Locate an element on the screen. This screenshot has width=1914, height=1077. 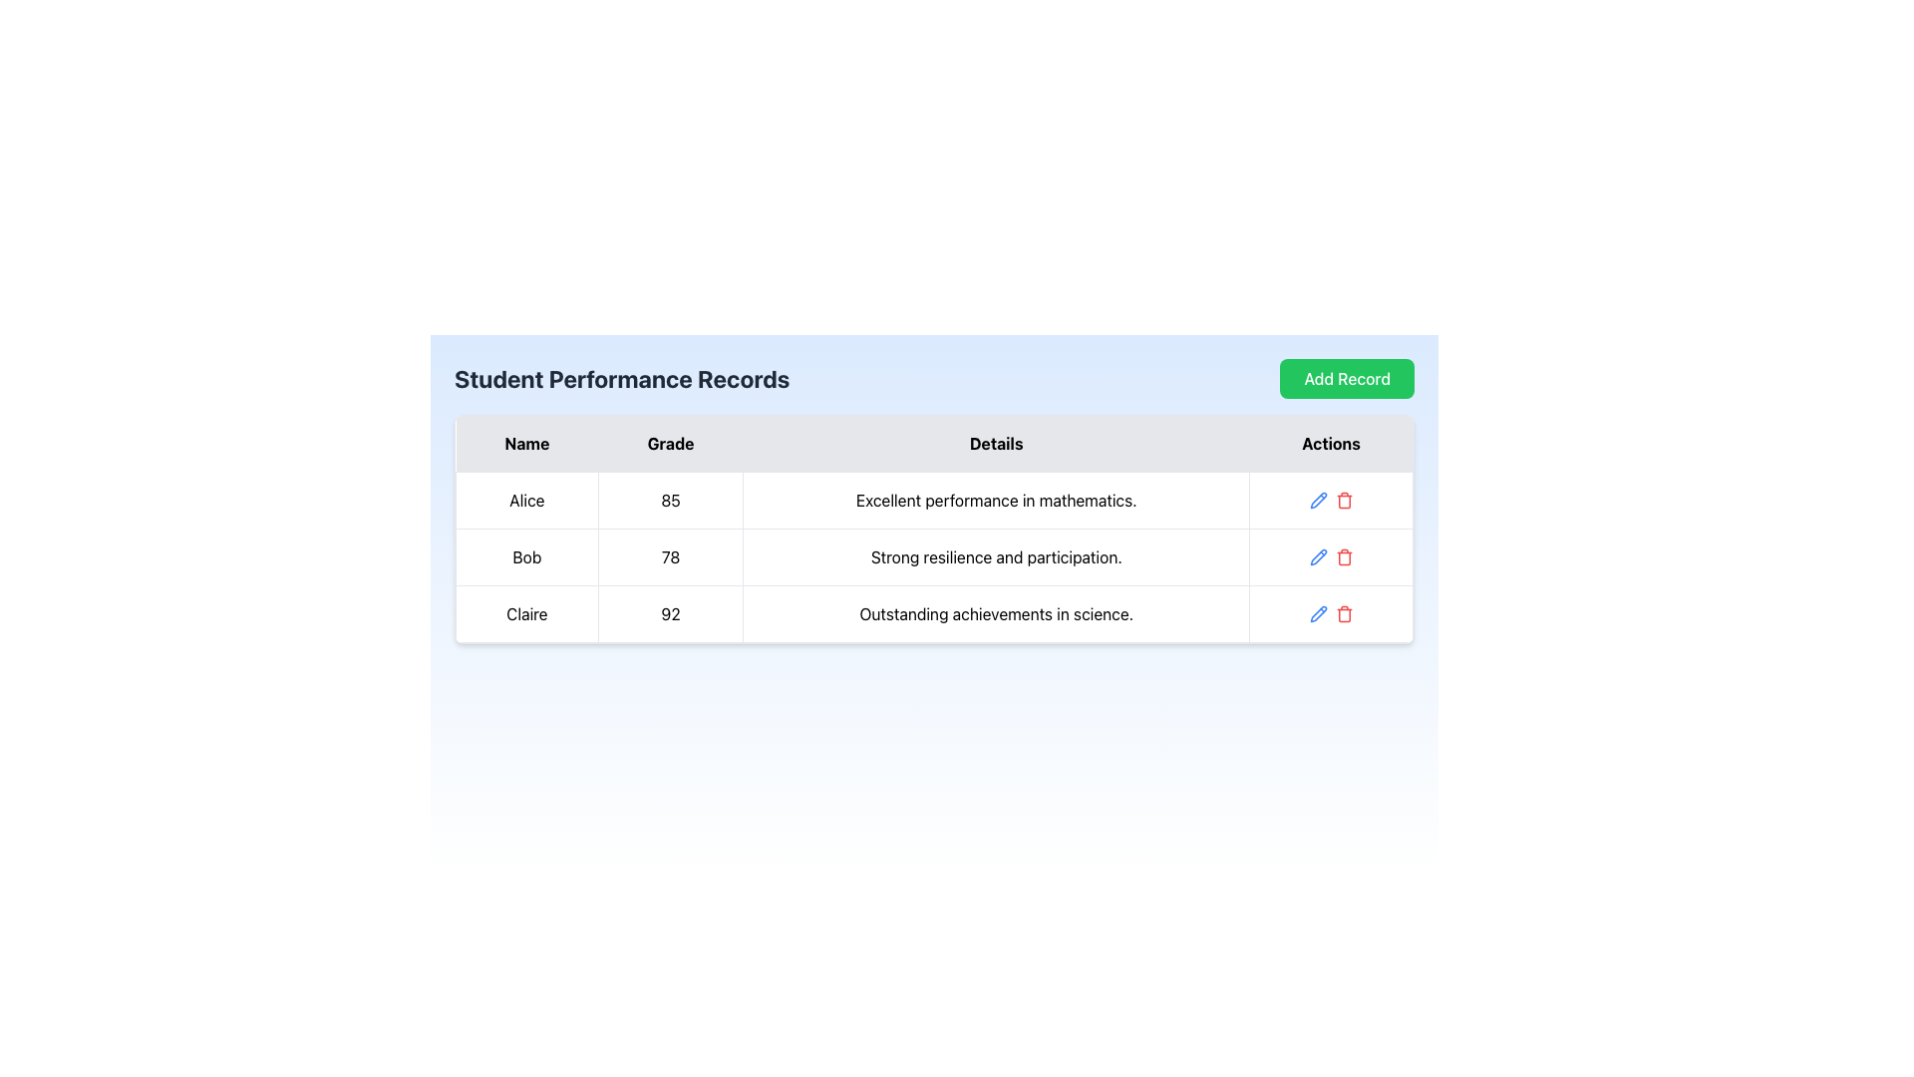
the edit button in the 'Actions' column of the table for the entry 'Claire' to trigger the highlight effect is located at coordinates (1318, 613).